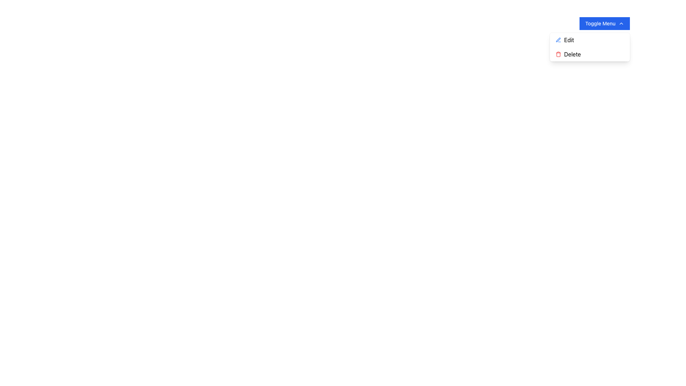 The height and width of the screenshot is (386, 686). Describe the element at coordinates (604, 23) in the screenshot. I see `the Dropdown Toggle Button located at the upper-right side of the interface` at that location.